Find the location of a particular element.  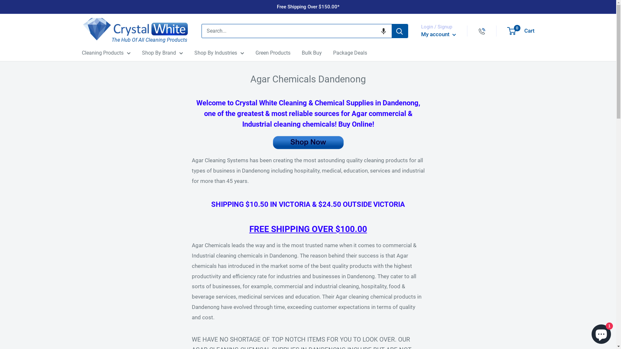

'Bulk Buy' is located at coordinates (311, 53).